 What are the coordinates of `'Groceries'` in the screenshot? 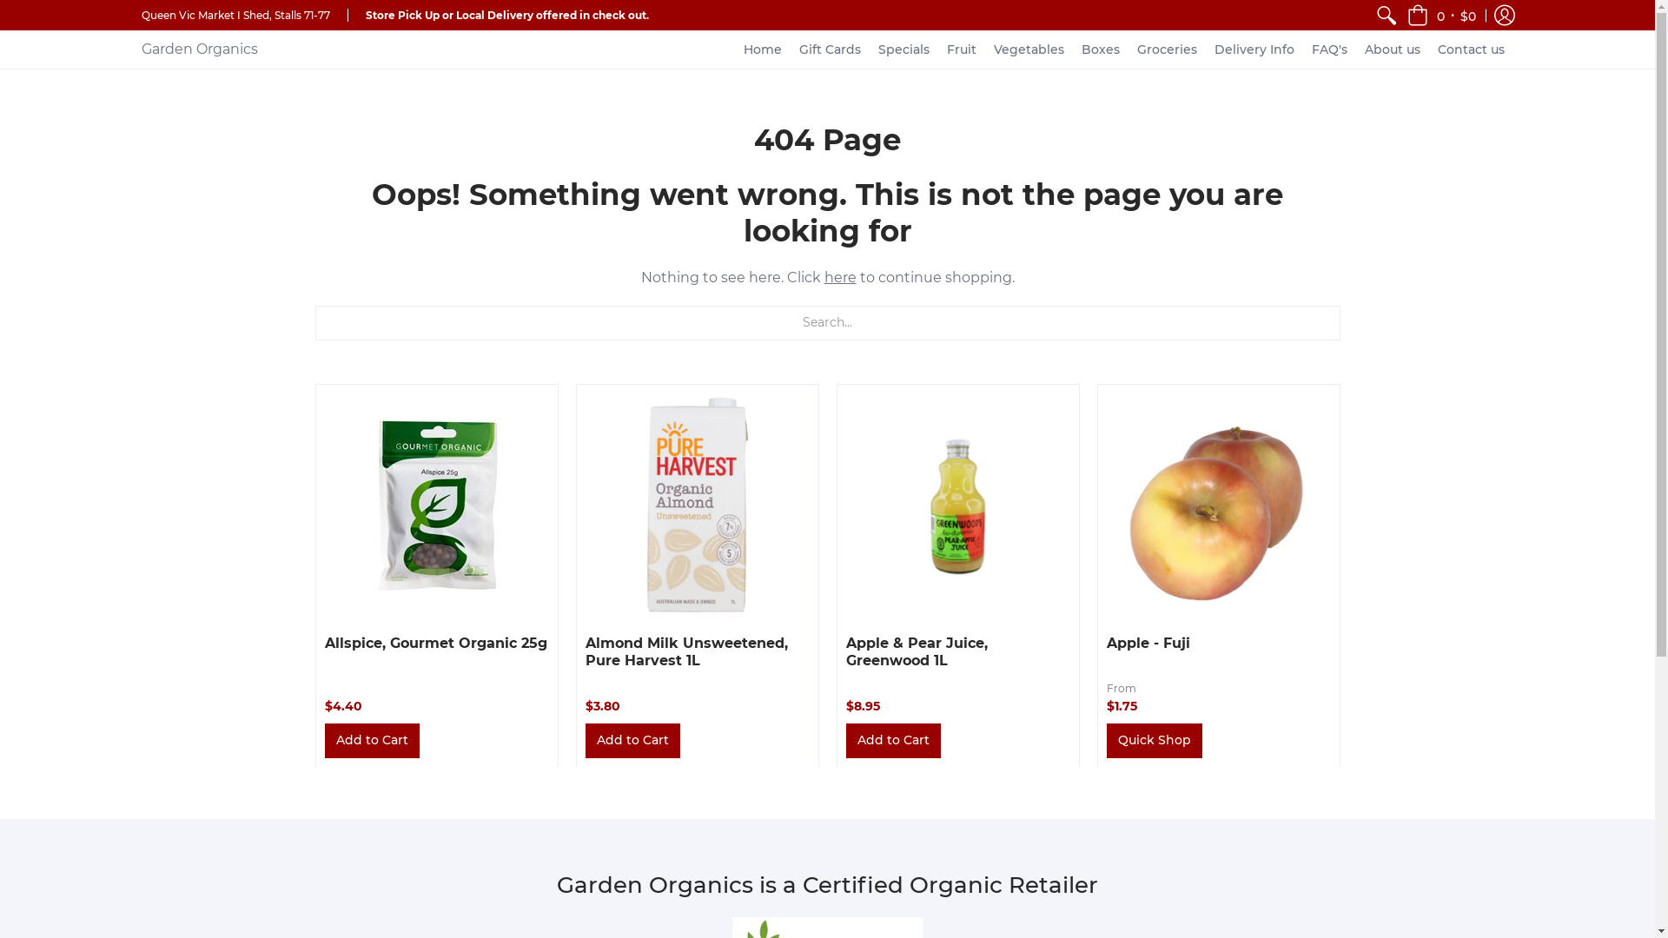 It's located at (1129, 49).